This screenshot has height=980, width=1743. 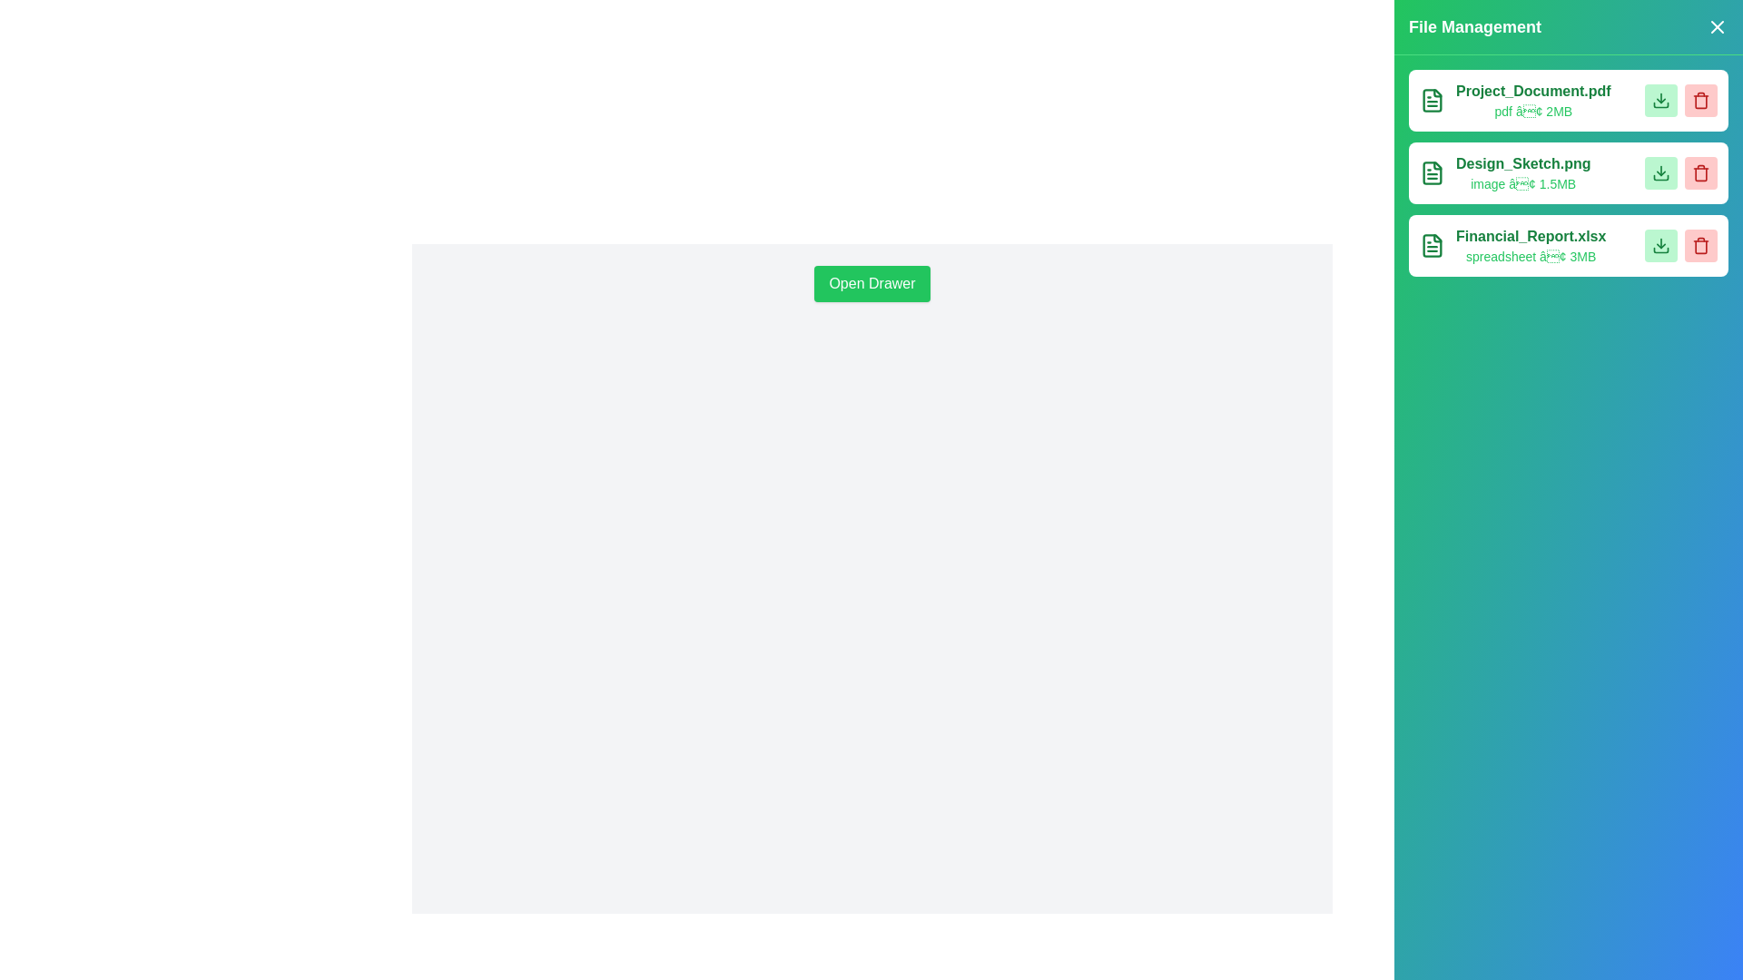 What do you see at coordinates (1660, 173) in the screenshot?
I see `the 'Download' button for the file Design_Sketch.png` at bounding box center [1660, 173].